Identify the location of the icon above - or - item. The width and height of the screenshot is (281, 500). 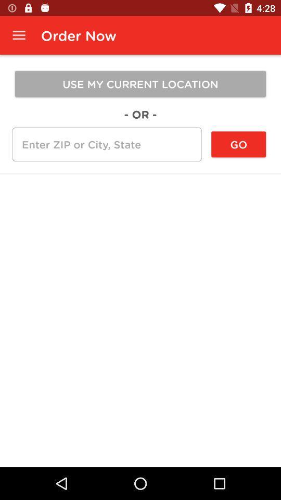
(140, 83).